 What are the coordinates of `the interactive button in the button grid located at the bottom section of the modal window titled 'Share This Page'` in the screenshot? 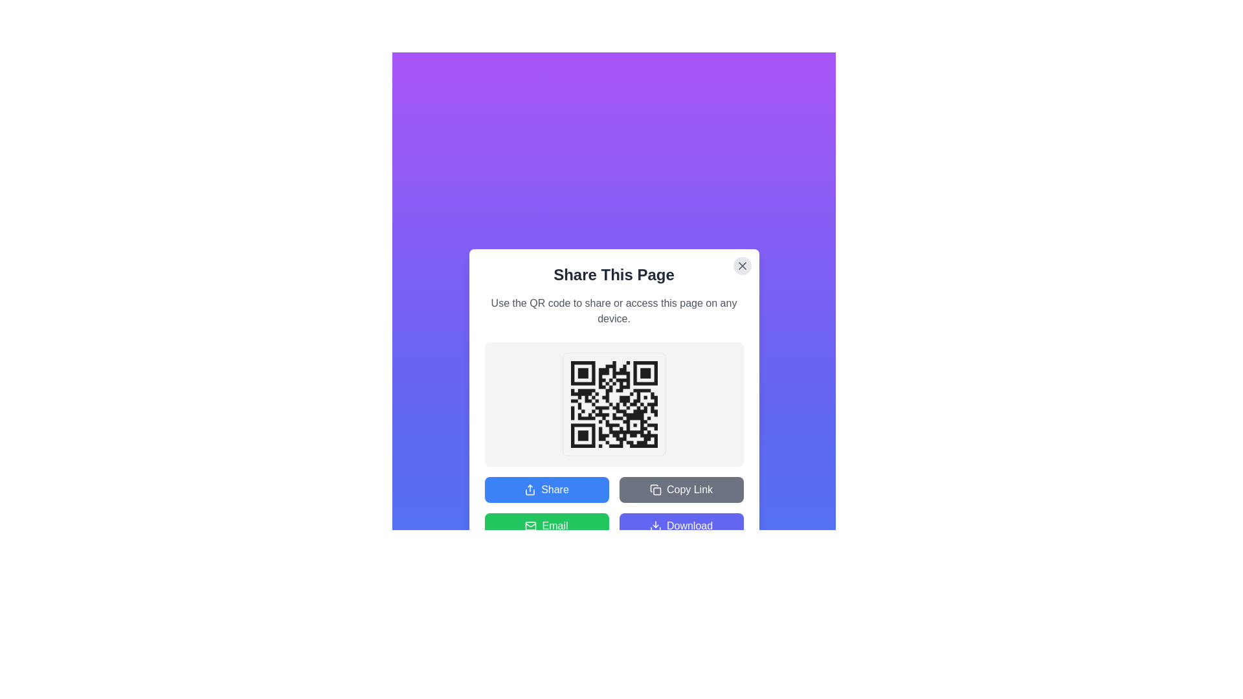 It's located at (613, 507).